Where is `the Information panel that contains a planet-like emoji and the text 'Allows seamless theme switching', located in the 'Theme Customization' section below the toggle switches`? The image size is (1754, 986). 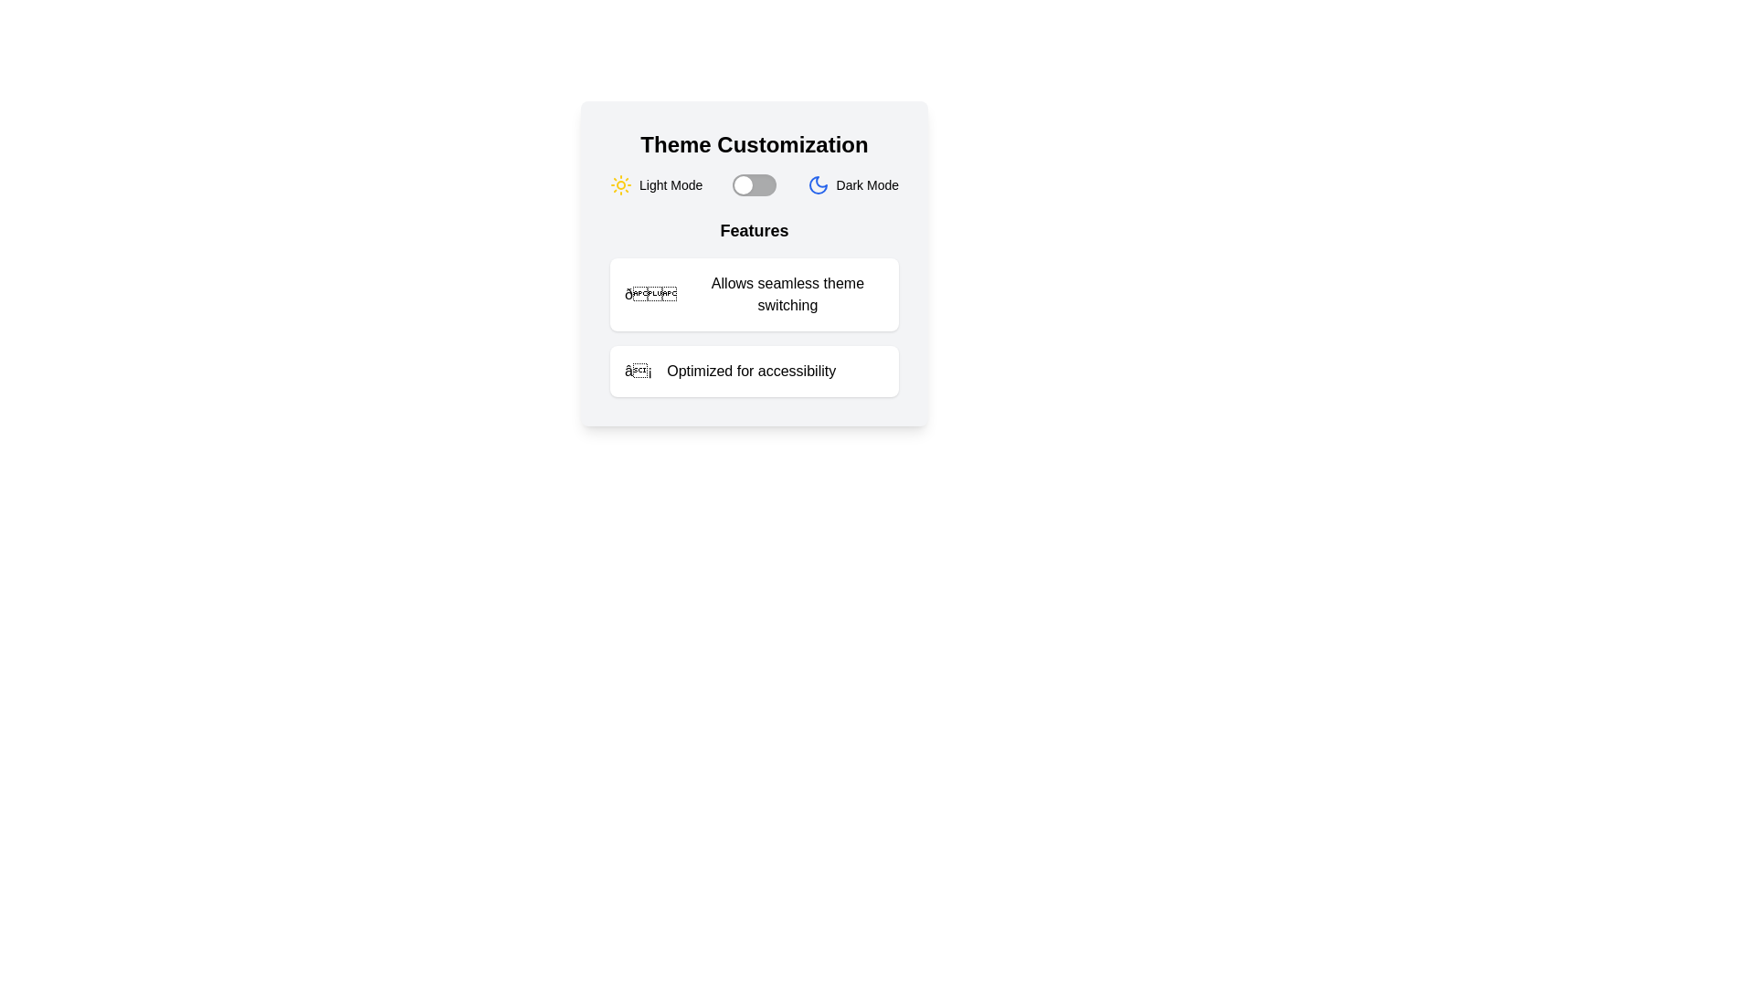
the Information panel that contains a planet-like emoji and the text 'Allows seamless theme switching', located in the 'Theme Customization' section below the toggle switches is located at coordinates (754, 306).